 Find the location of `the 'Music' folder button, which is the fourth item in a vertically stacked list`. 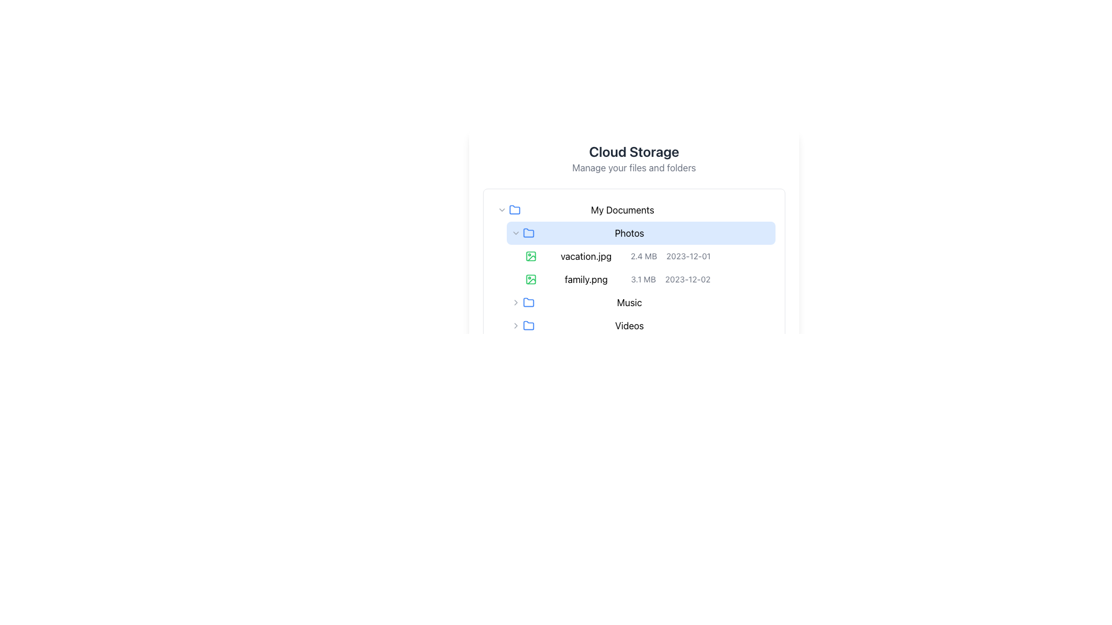

the 'Music' folder button, which is the fourth item in a vertically stacked list is located at coordinates (633, 302).